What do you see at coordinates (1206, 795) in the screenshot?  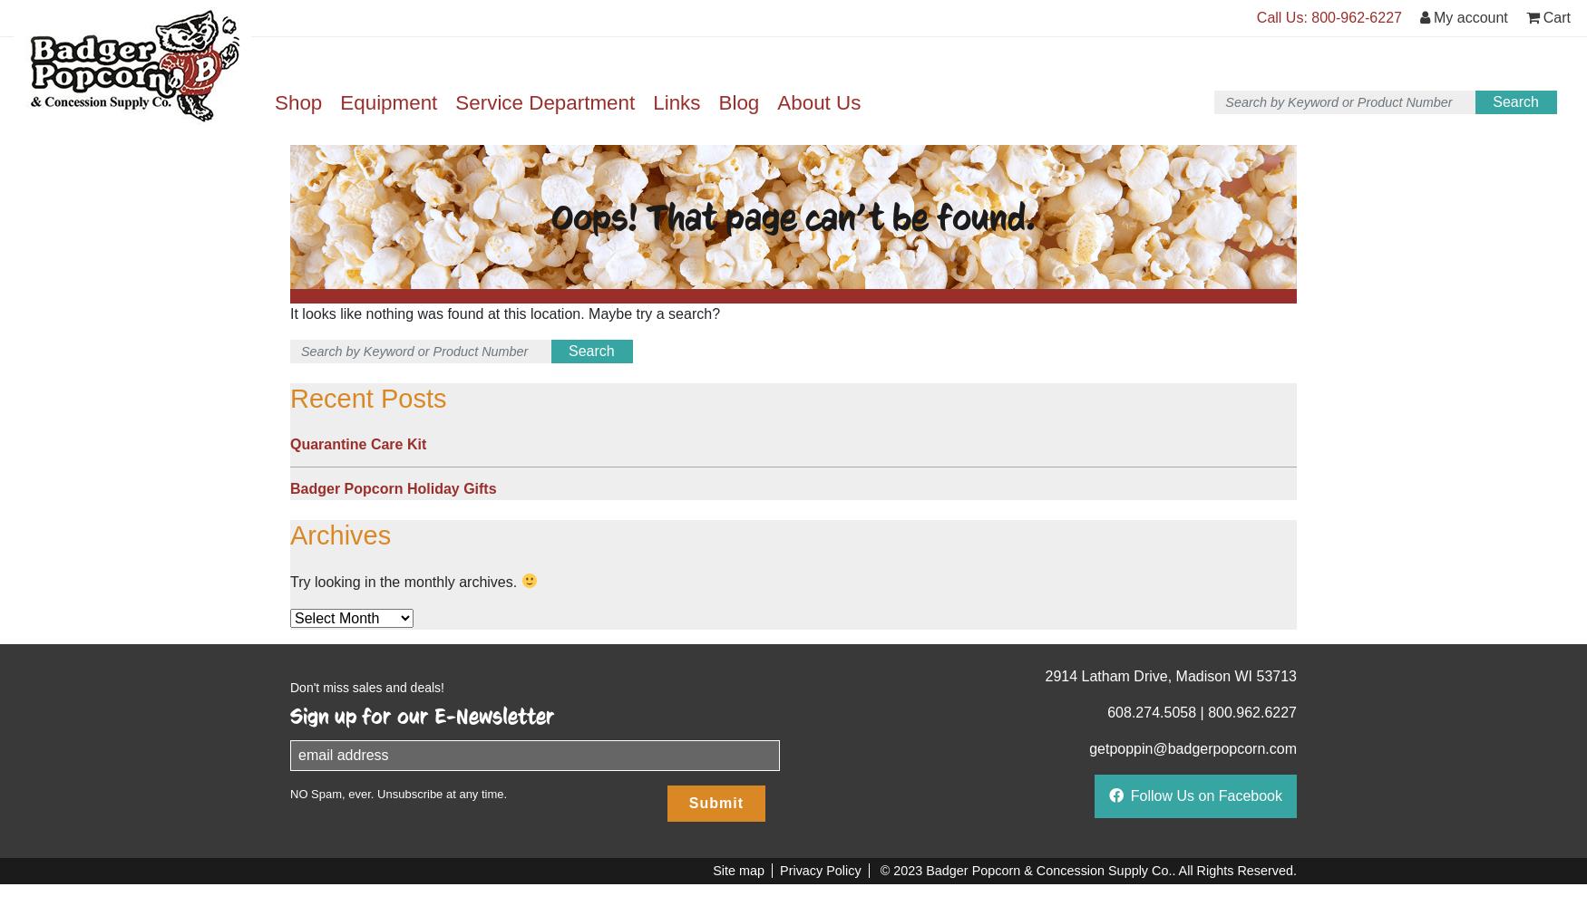 I see `'Follow Us on Facebook'` at bounding box center [1206, 795].